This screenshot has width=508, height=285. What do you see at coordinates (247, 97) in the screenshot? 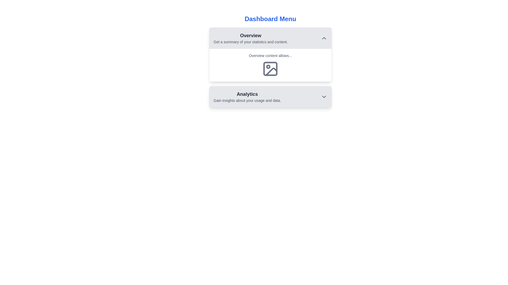
I see `the 'Analytics' text block which is located in the second section below the 'Overview' section` at bounding box center [247, 97].